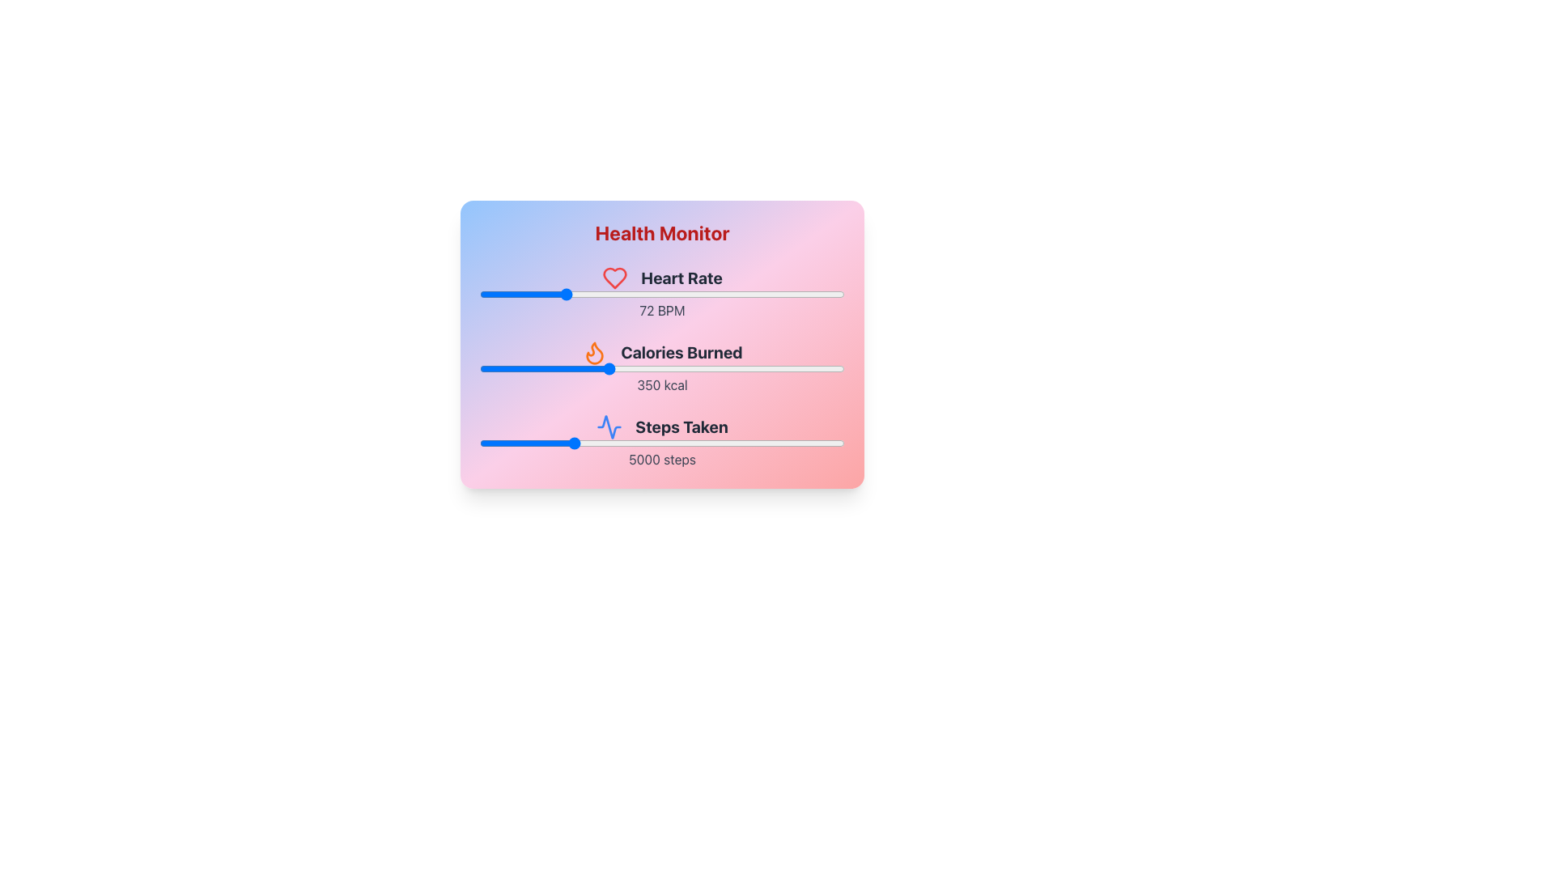 The height and width of the screenshot is (874, 1554). Describe the element at coordinates (614, 277) in the screenshot. I see `the heart-shaped icon with a red interior located next to the 'Heart Rate' label in the health monitoring section for aesthetic purposes` at that location.